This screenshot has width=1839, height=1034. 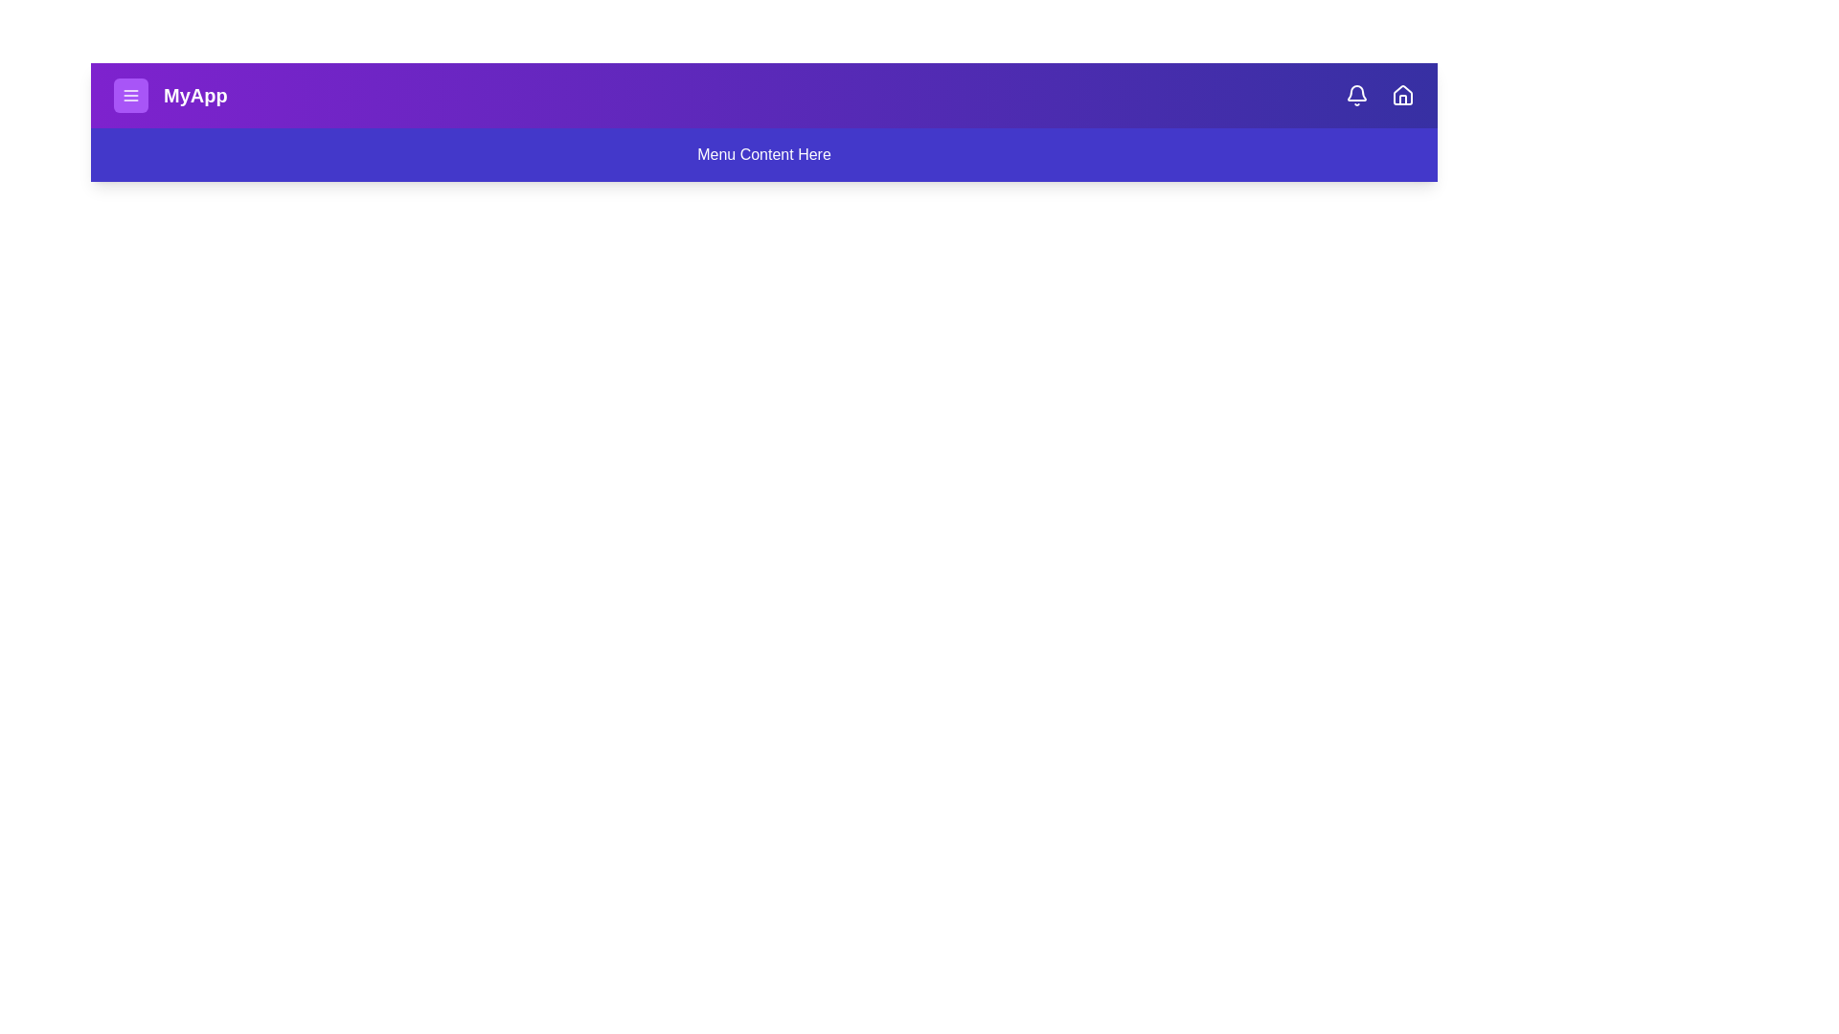 What do you see at coordinates (1402, 96) in the screenshot?
I see `the home icon to navigate to the homepage` at bounding box center [1402, 96].